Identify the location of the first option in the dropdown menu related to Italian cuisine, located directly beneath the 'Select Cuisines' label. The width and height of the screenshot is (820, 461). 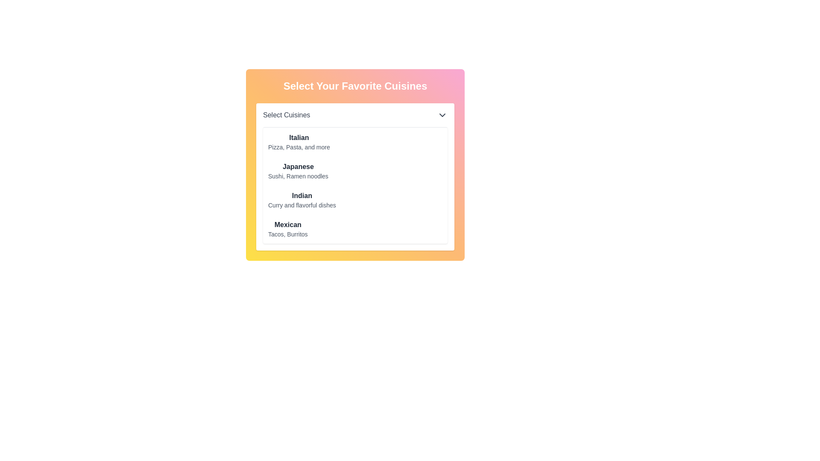
(299, 141).